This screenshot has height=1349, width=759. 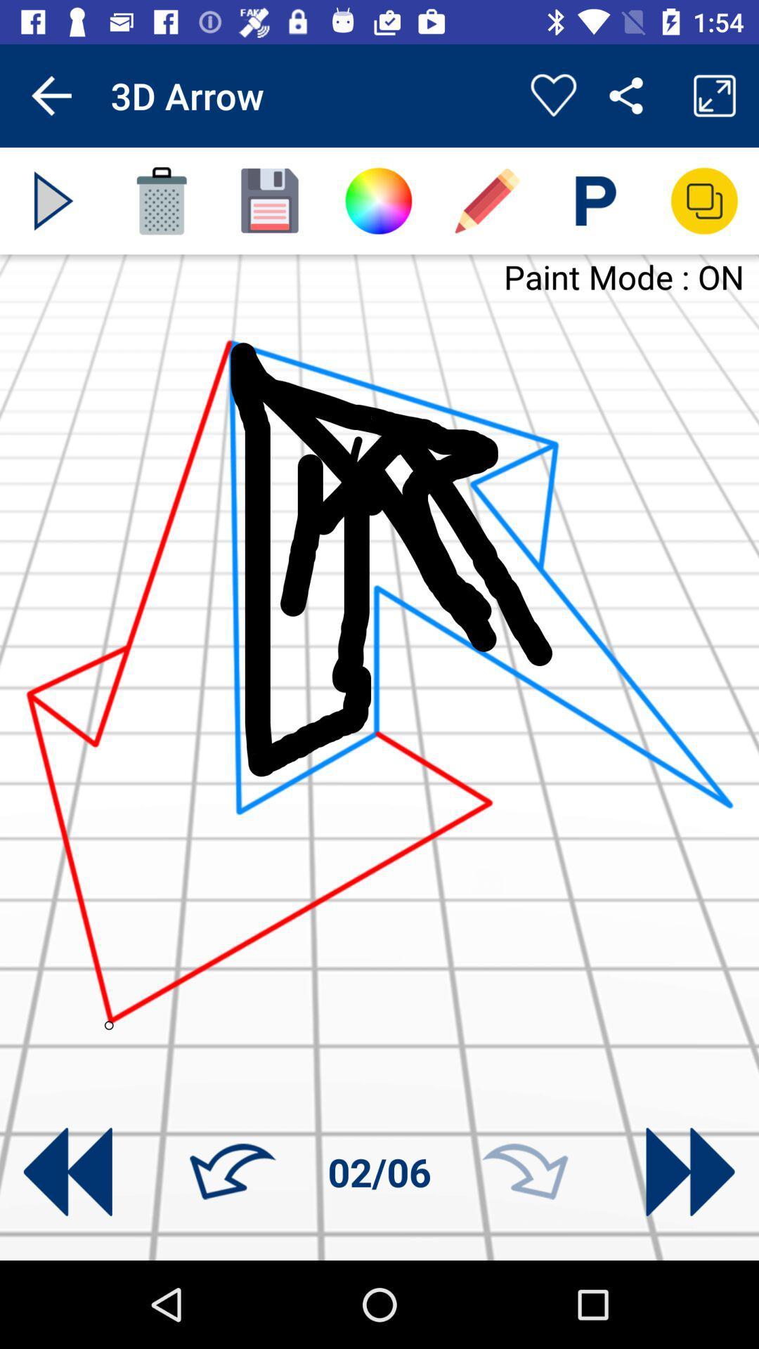 What do you see at coordinates (67, 1172) in the screenshot?
I see `the av_rewind icon` at bounding box center [67, 1172].